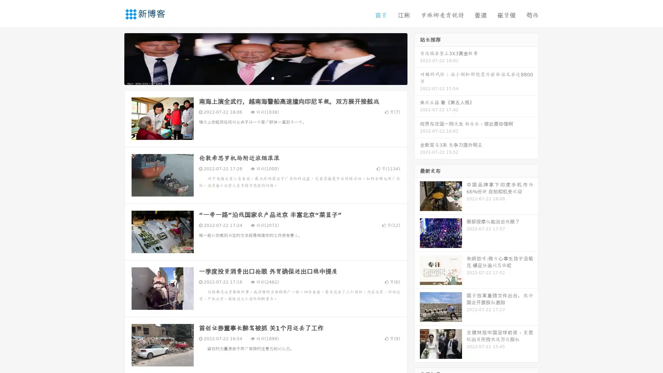 This screenshot has height=373, width=663. What do you see at coordinates (258, 78) in the screenshot?
I see `Go to slide 1` at bounding box center [258, 78].